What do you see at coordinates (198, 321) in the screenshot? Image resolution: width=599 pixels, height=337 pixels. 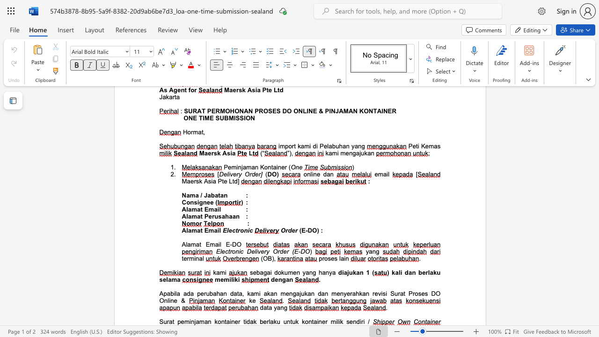 I see `the subset text "man kontainer tidak berlaku untuk kontainer milik" within the text "Surat peminjaman kontainer tidak berlaku untuk kontainer milik sendiri /"` at bounding box center [198, 321].